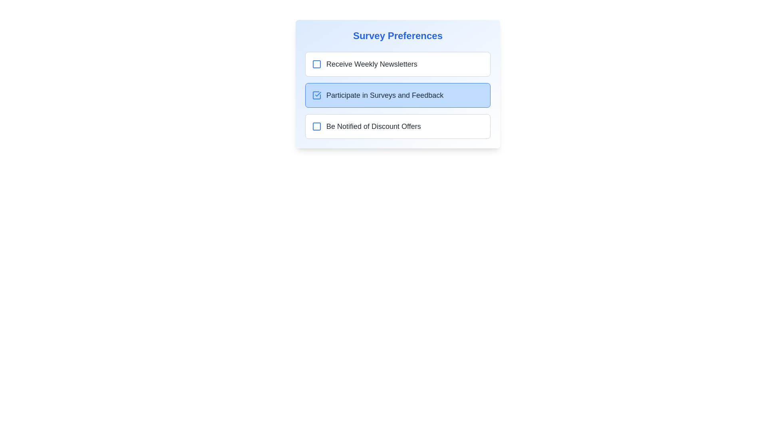 The height and width of the screenshot is (431, 767). Describe the element at coordinates (398, 64) in the screenshot. I see `the label 'Receive Weekly Newsletters'` at that location.